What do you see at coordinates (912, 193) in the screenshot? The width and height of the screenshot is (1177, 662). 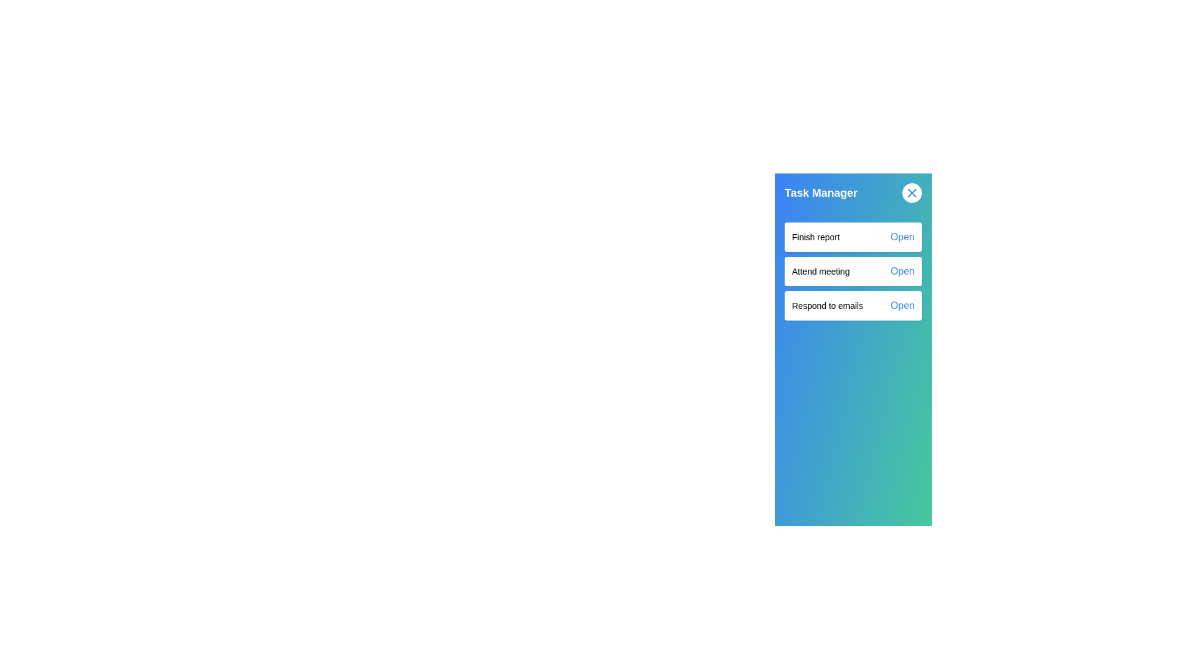 I see `the 'X' icon in the top-right corner of the application interface` at bounding box center [912, 193].